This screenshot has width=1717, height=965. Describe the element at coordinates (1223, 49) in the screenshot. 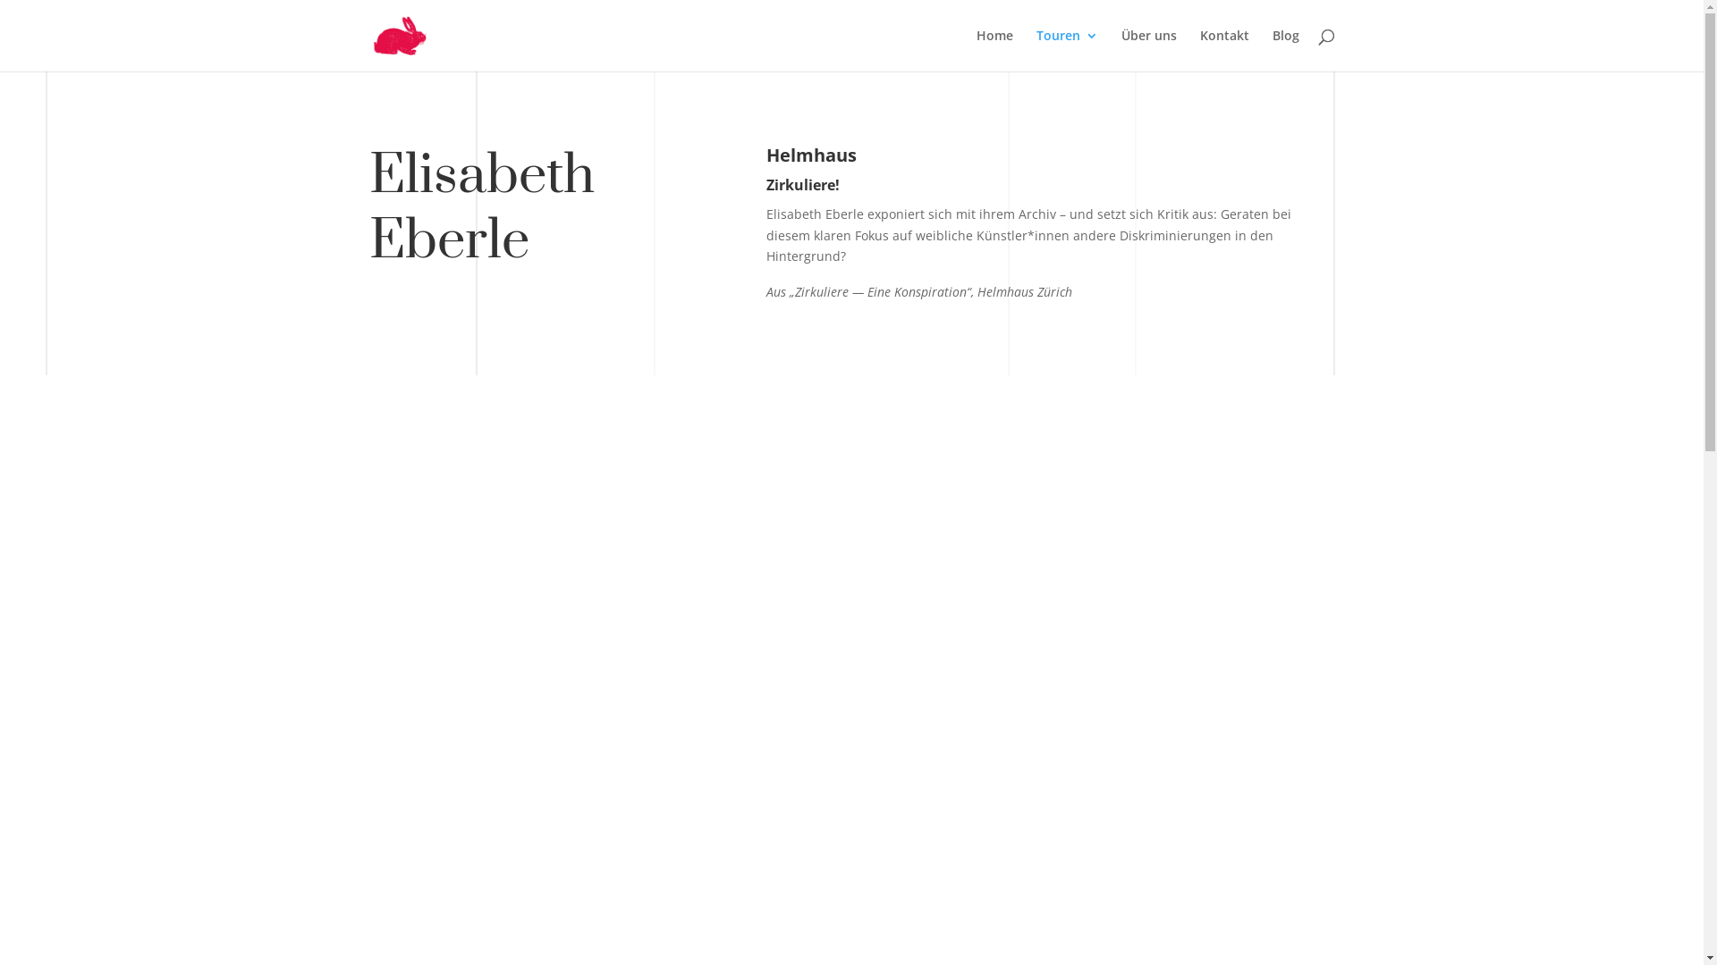

I see `'Kontakt'` at that location.